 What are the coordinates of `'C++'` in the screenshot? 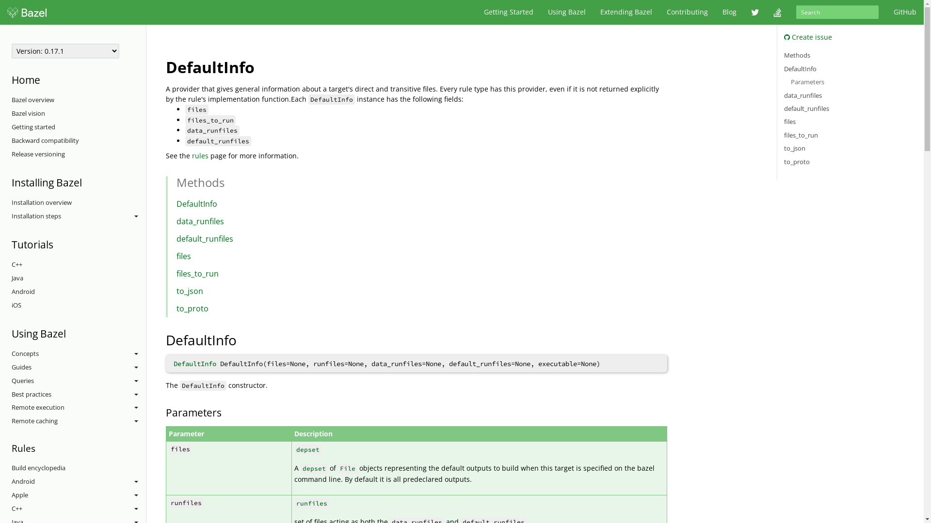 It's located at (79, 265).